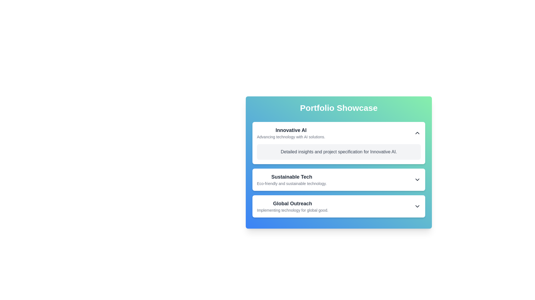 The width and height of the screenshot is (535, 300). I want to click on the text label providing additional information about the 'Innovative AI' heading in the first card of the 'Portfolio Showcase', so click(291, 137).